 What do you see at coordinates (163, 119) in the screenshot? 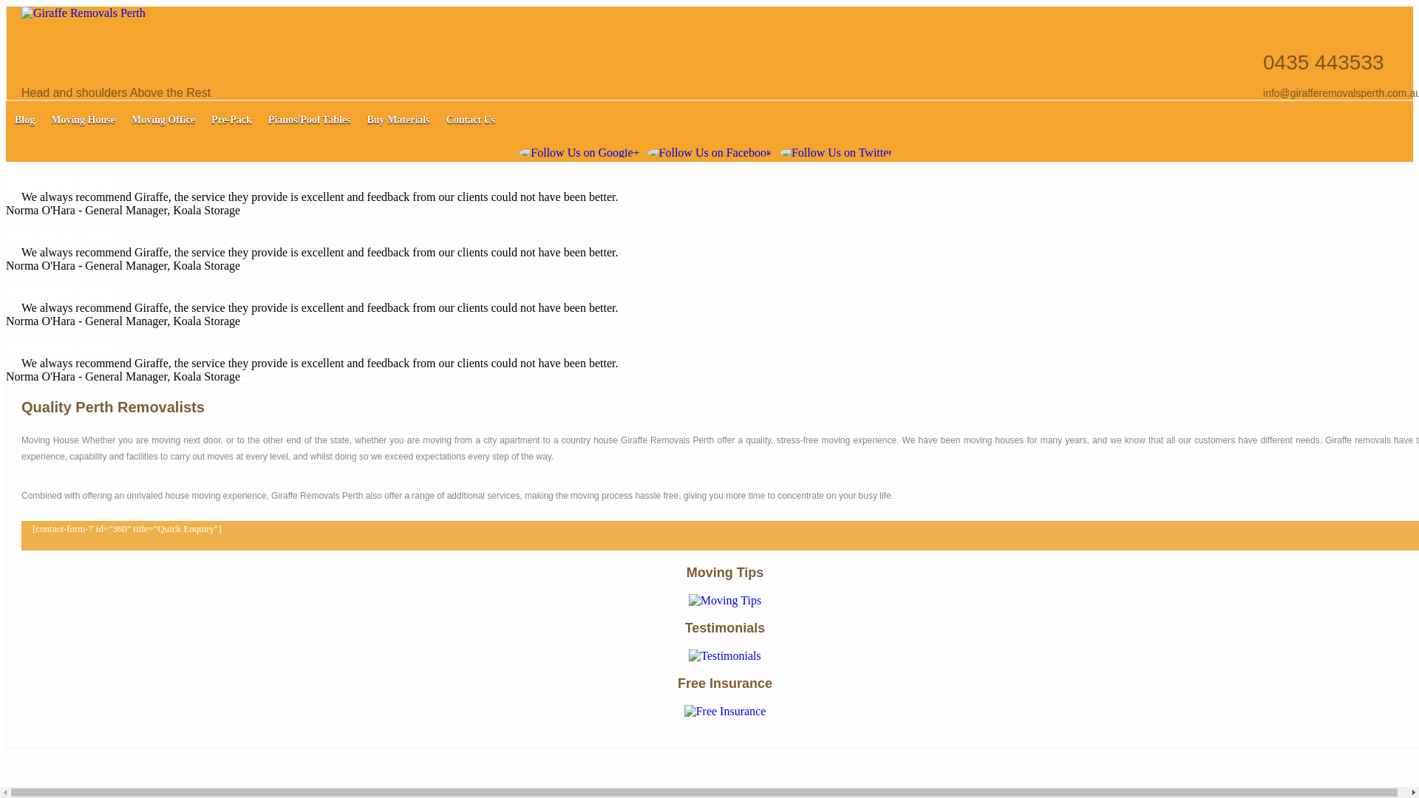
I see `'Moving Office'` at bounding box center [163, 119].